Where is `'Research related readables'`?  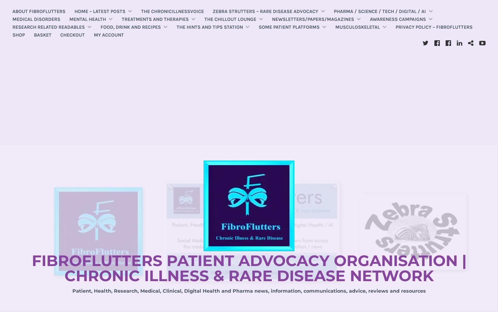 'Research related readables' is located at coordinates (48, 27).